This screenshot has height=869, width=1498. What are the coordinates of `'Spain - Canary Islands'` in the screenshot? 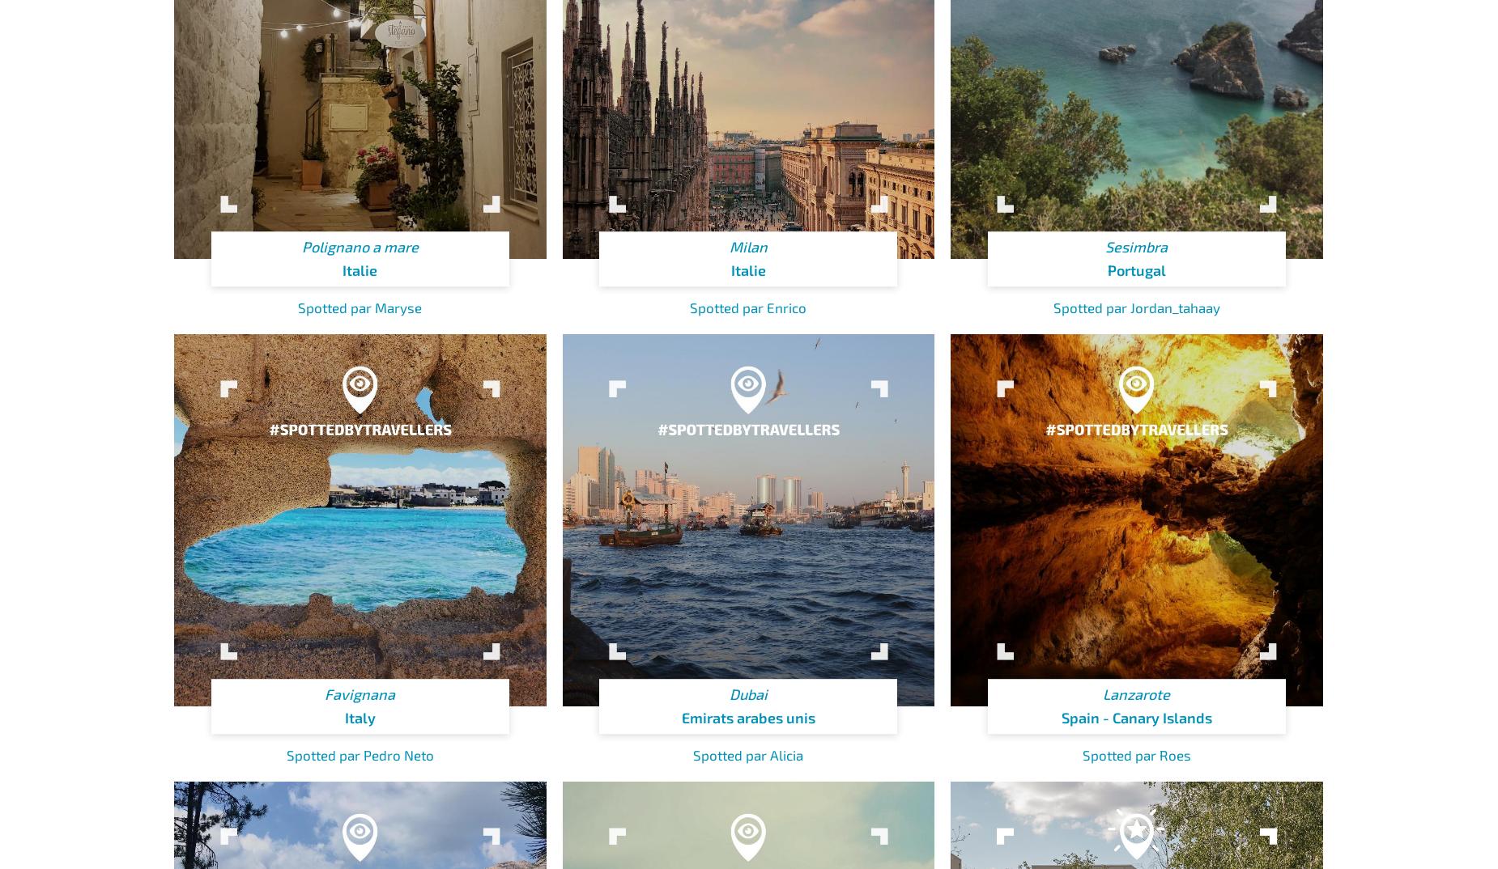 It's located at (1136, 716).